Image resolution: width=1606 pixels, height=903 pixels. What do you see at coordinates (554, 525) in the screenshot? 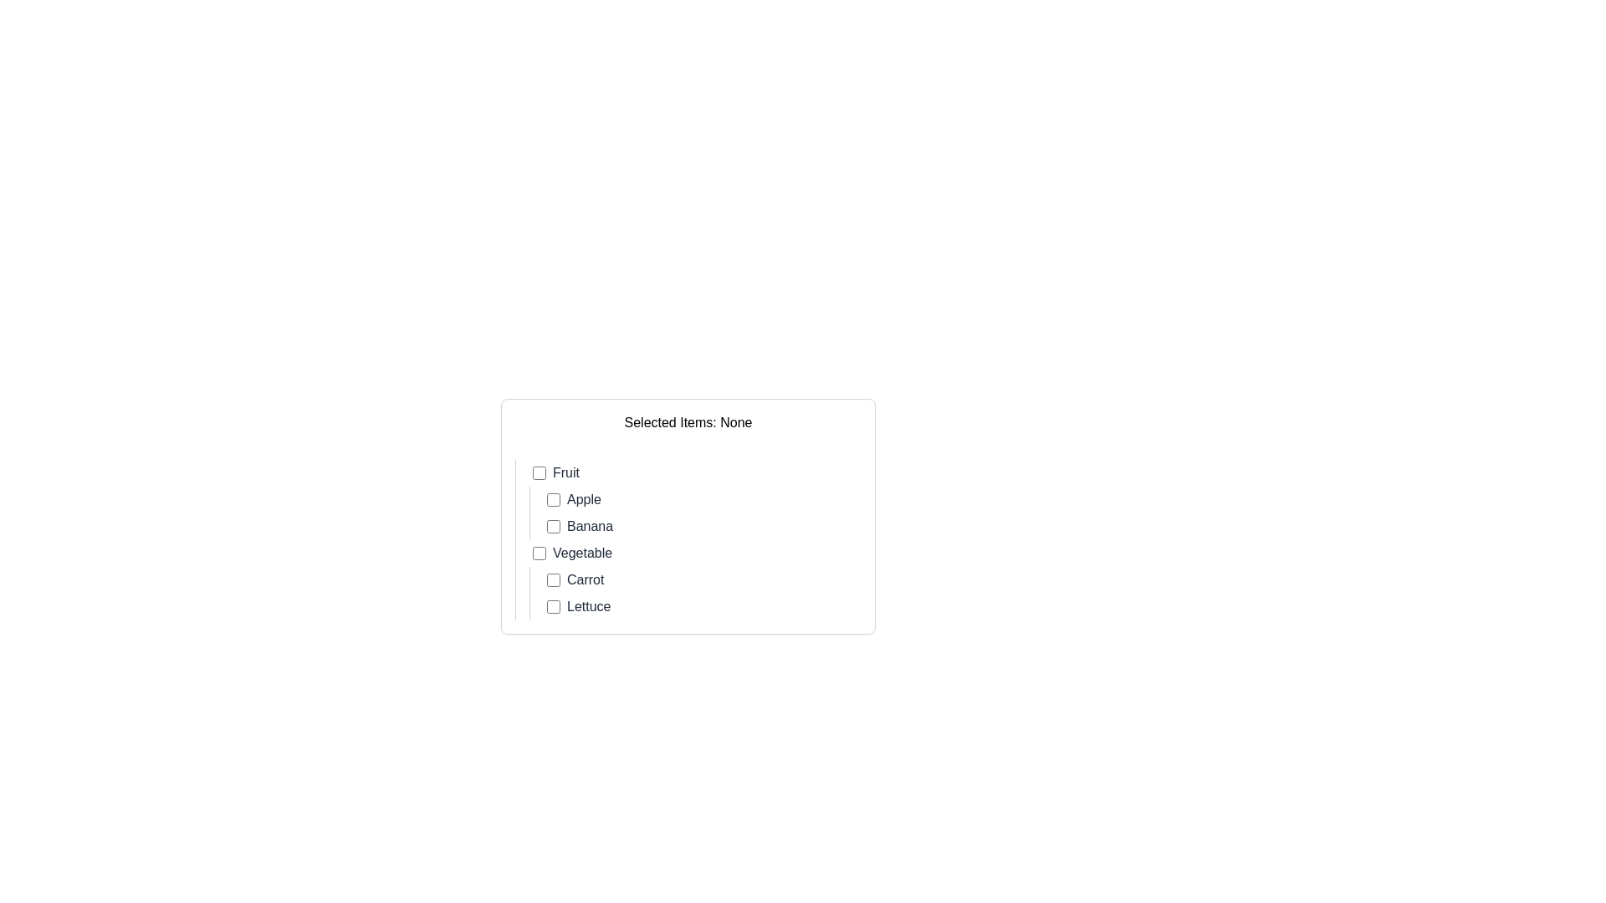
I see `the checkbox` at bounding box center [554, 525].